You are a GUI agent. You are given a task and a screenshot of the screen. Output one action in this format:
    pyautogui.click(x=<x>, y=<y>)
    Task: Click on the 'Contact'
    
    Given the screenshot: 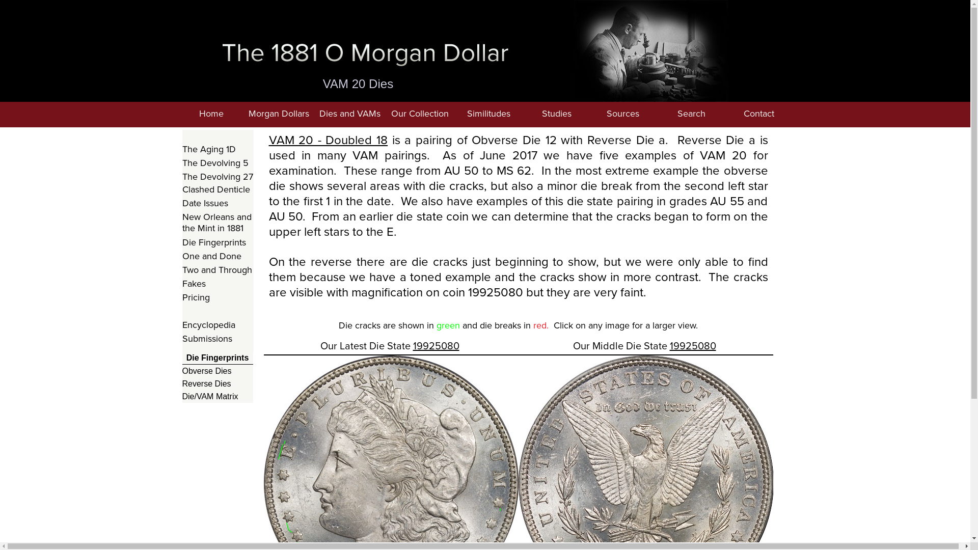 What is the action you would take?
    pyautogui.click(x=727, y=114)
    